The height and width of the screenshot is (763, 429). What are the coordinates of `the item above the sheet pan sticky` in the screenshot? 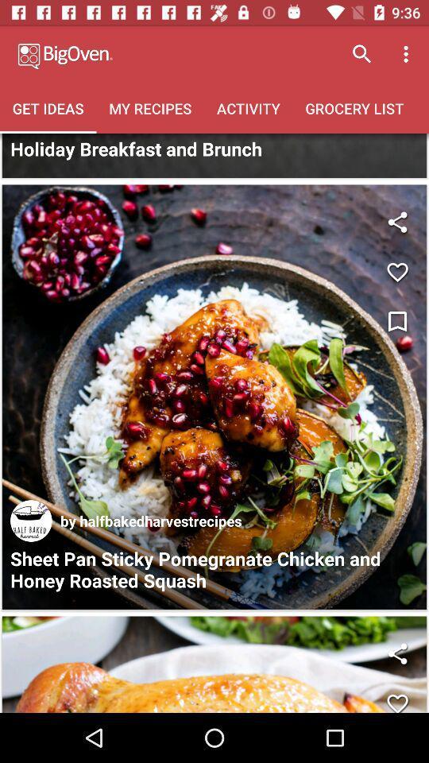 It's located at (151, 520).